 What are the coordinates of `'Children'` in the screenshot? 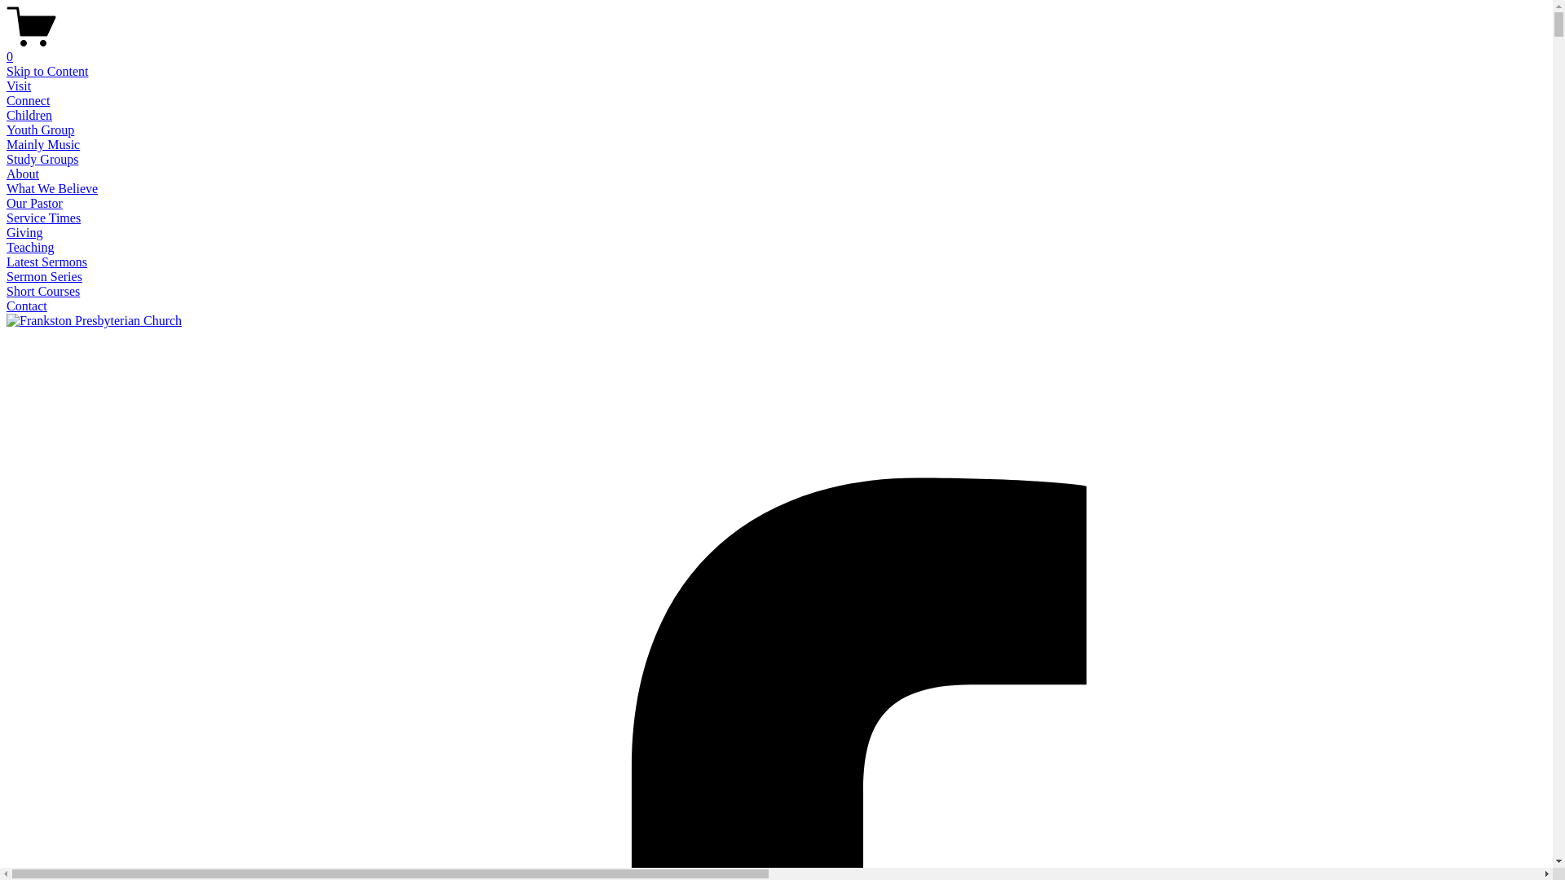 It's located at (29, 114).